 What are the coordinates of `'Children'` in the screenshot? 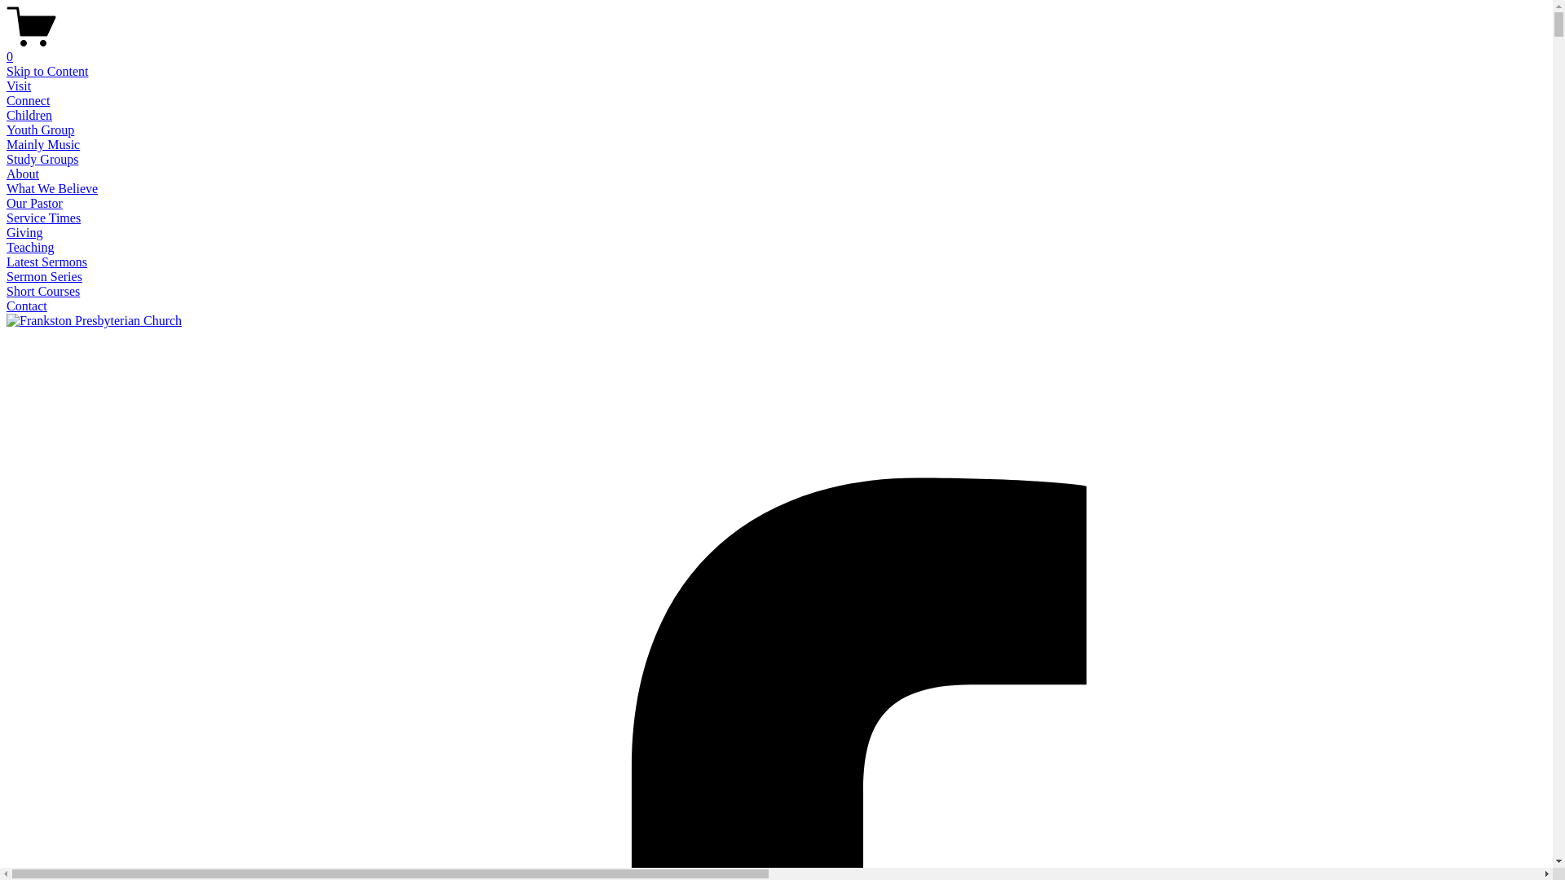 It's located at (29, 114).